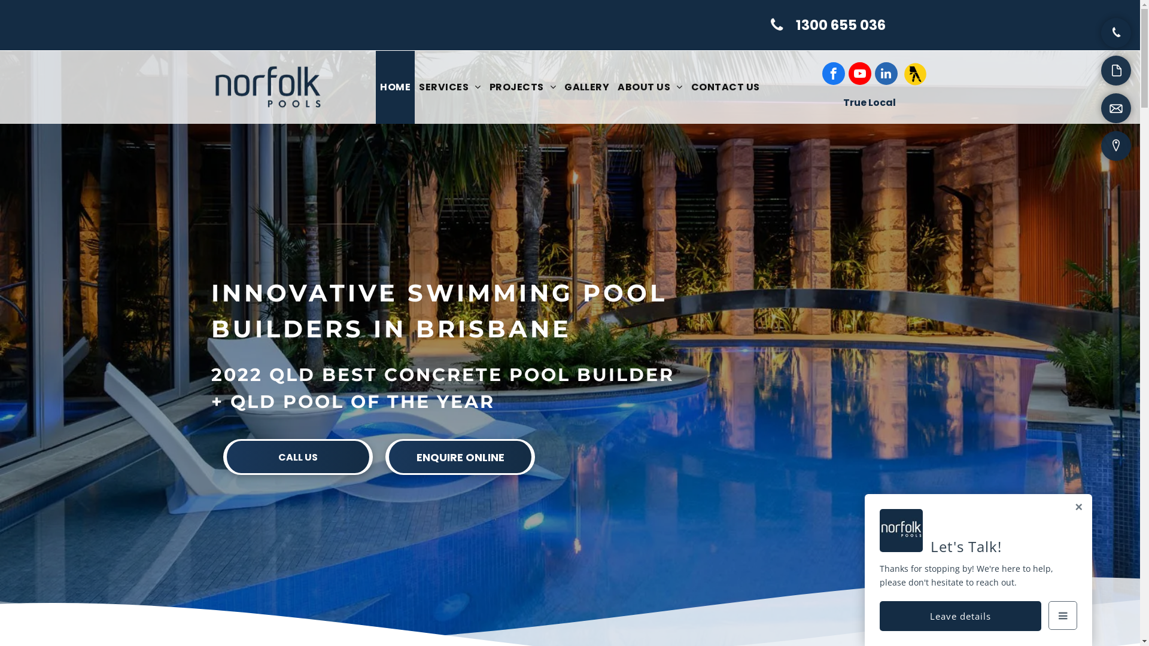 Image resolution: width=1149 pixels, height=646 pixels. What do you see at coordinates (210, 86) in the screenshot?
I see `'Norfolk Pools'` at bounding box center [210, 86].